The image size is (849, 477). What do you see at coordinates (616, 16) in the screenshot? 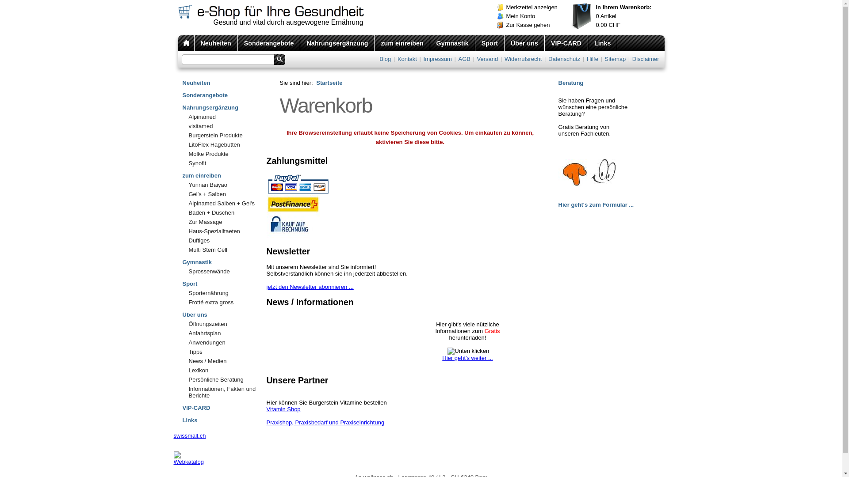
I see `'In Ihrem Warenkorb:` at bounding box center [616, 16].